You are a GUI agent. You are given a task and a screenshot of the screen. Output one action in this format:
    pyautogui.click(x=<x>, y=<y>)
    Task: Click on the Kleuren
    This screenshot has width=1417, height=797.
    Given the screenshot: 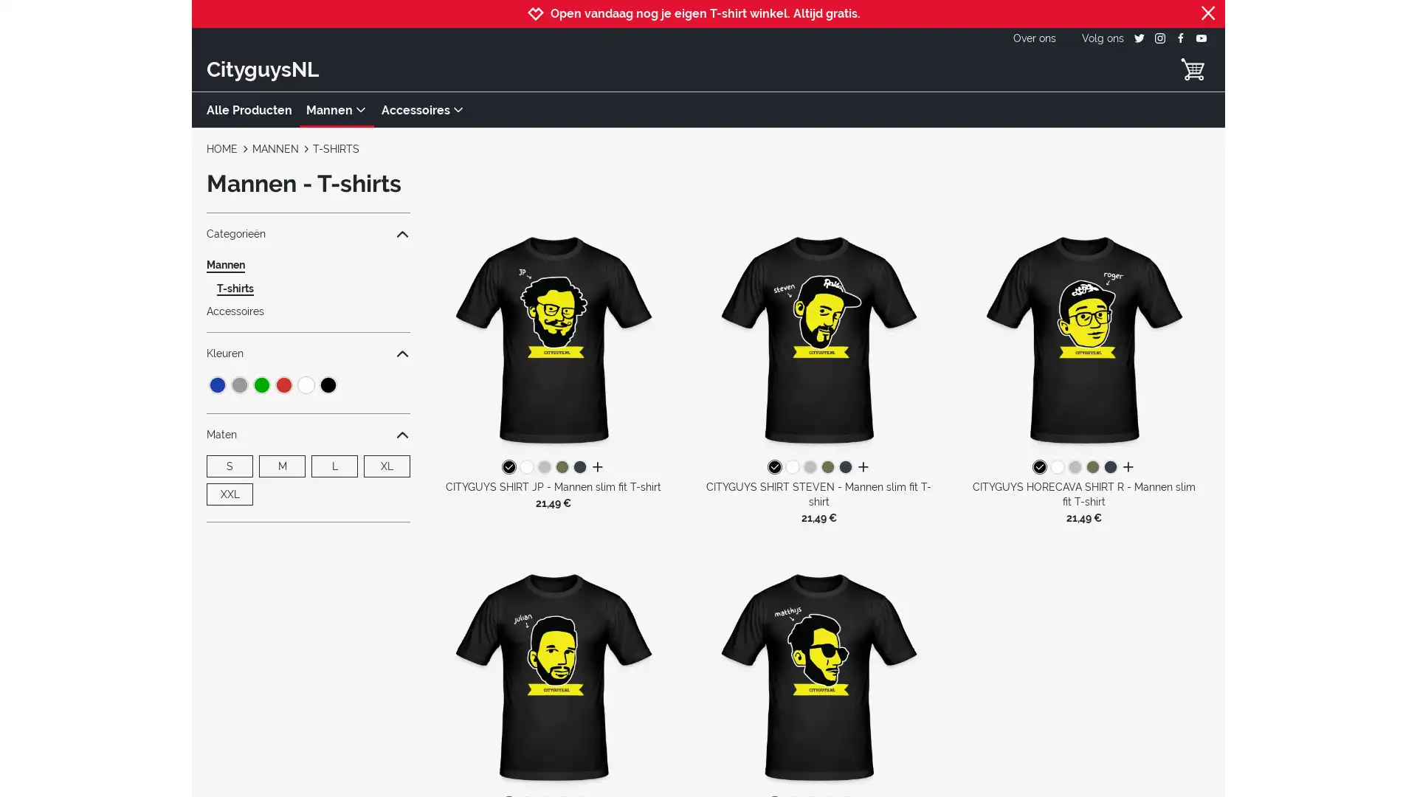 What is the action you would take?
    pyautogui.click(x=307, y=353)
    